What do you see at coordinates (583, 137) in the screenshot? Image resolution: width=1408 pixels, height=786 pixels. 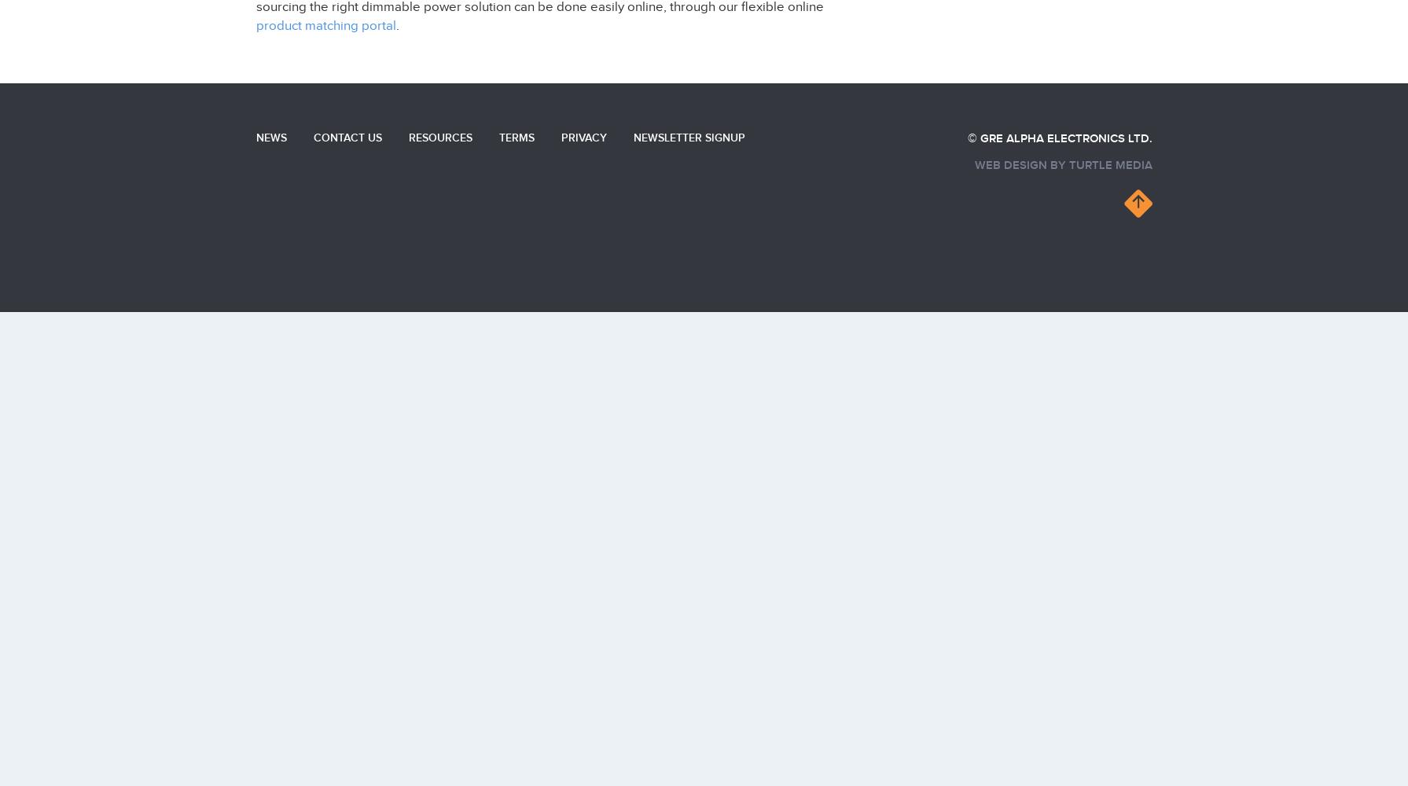 I see `'Privacy'` at bounding box center [583, 137].